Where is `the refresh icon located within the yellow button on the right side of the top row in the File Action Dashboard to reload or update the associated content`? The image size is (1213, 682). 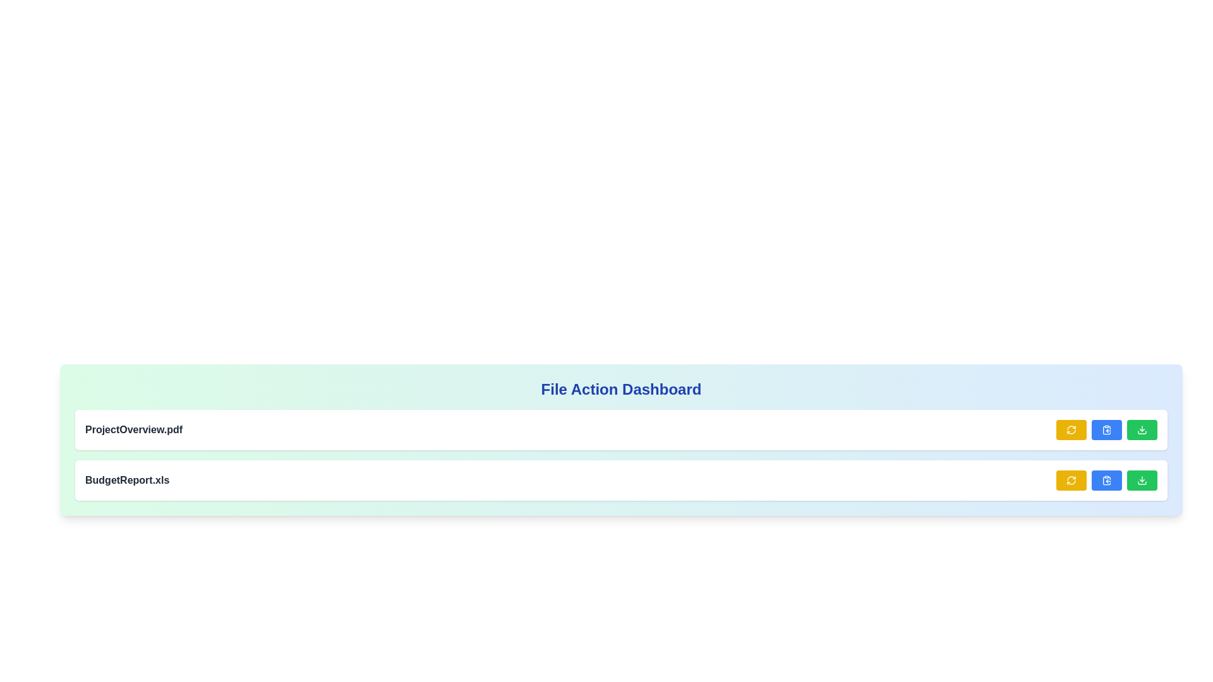
the refresh icon located within the yellow button on the right side of the top row in the File Action Dashboard to reload or update the associated content is located at coordinates (1070, 429).